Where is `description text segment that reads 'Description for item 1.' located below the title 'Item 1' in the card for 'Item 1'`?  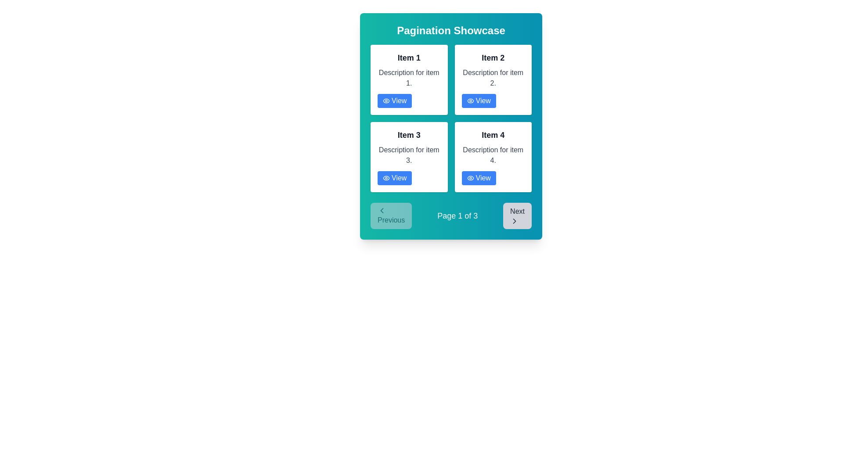
description text segment that reads 'Description for item 1.' located below the title 'Item 1' in the card for 'Item 1' is located at coordinates (408, 77).